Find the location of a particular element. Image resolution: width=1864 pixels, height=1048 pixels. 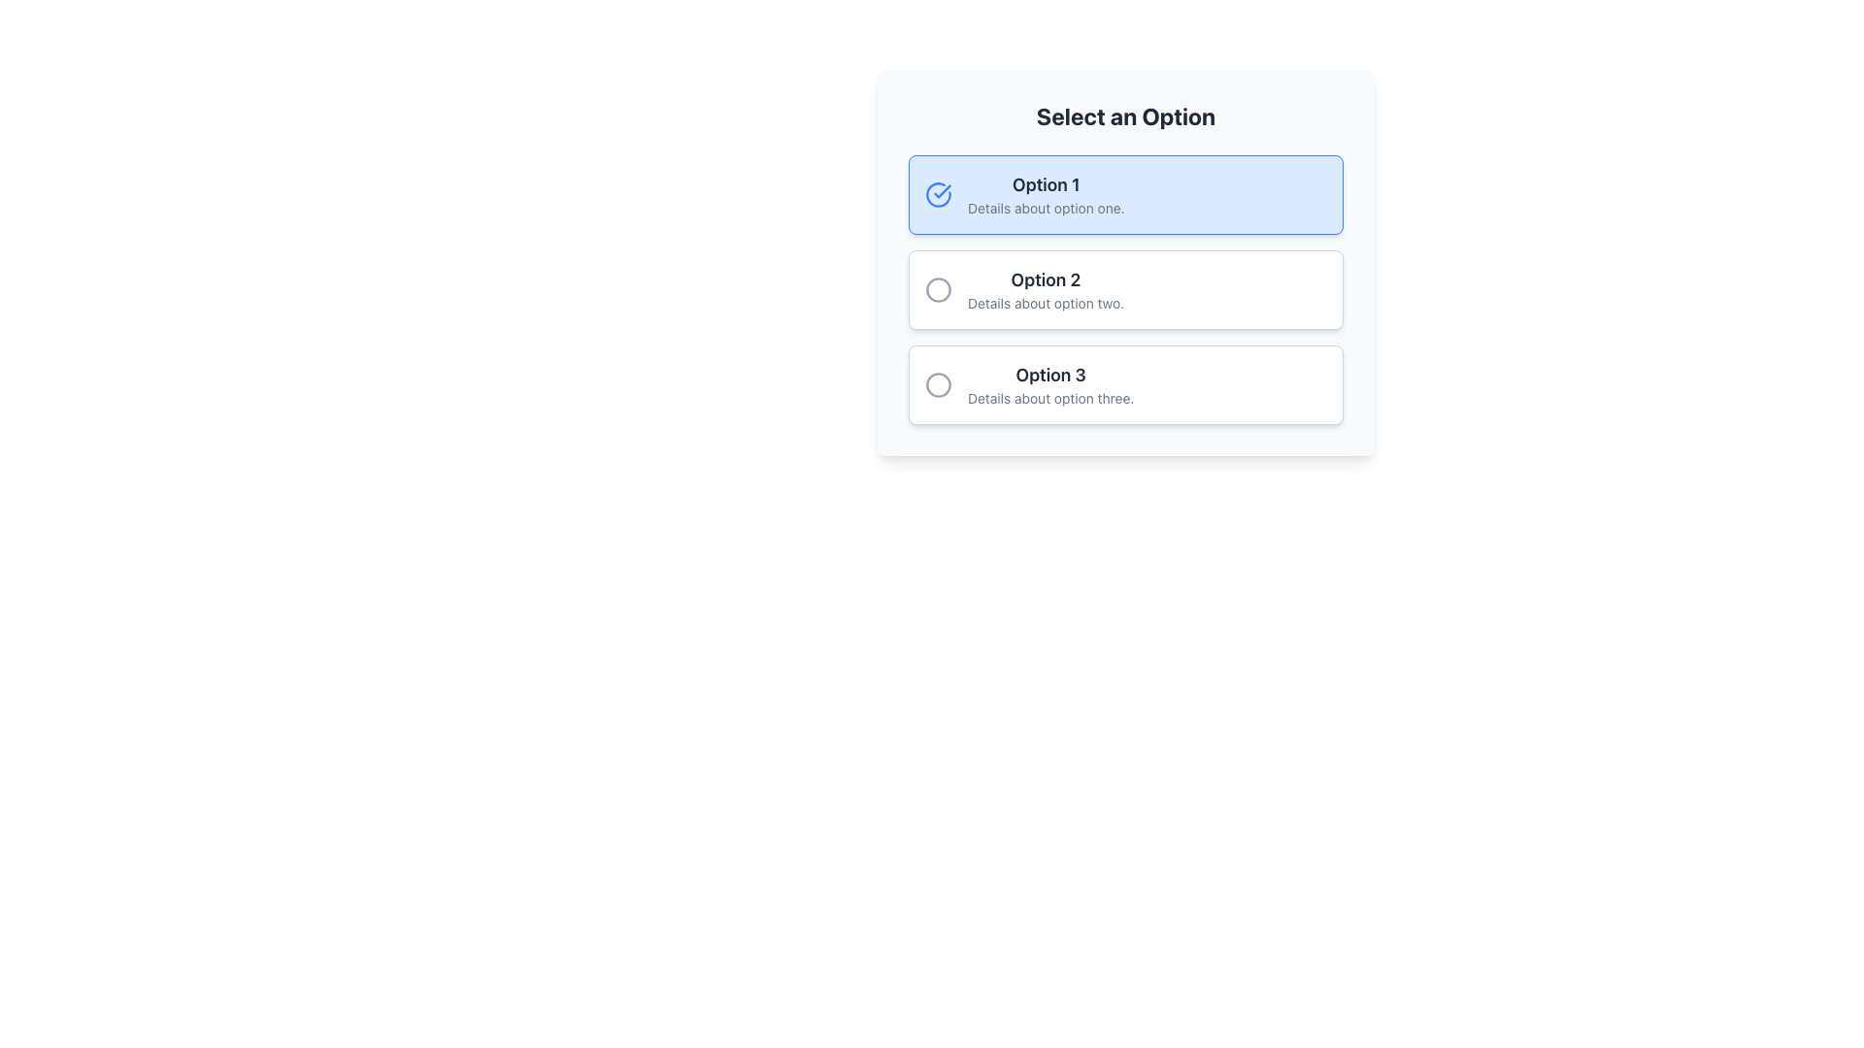

the text label that reads 'Details about option two.', which is located below the 'Option 2' title in the second option box is located at coordinates (1045, 303).